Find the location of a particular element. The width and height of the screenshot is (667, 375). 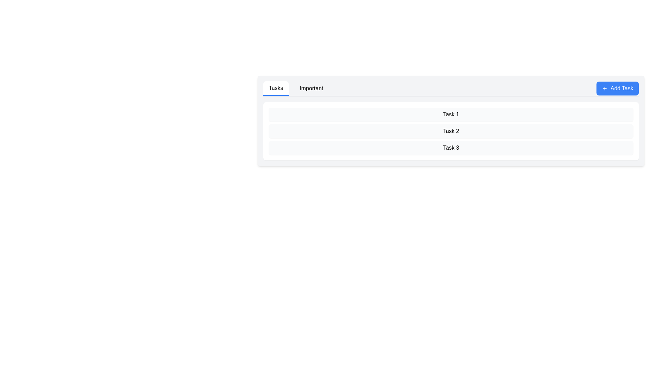

the List Item containing the text 'Task 3' which is the third item in a vertical list with a light gray background and rounded corners is located at coordinates (451, 147).